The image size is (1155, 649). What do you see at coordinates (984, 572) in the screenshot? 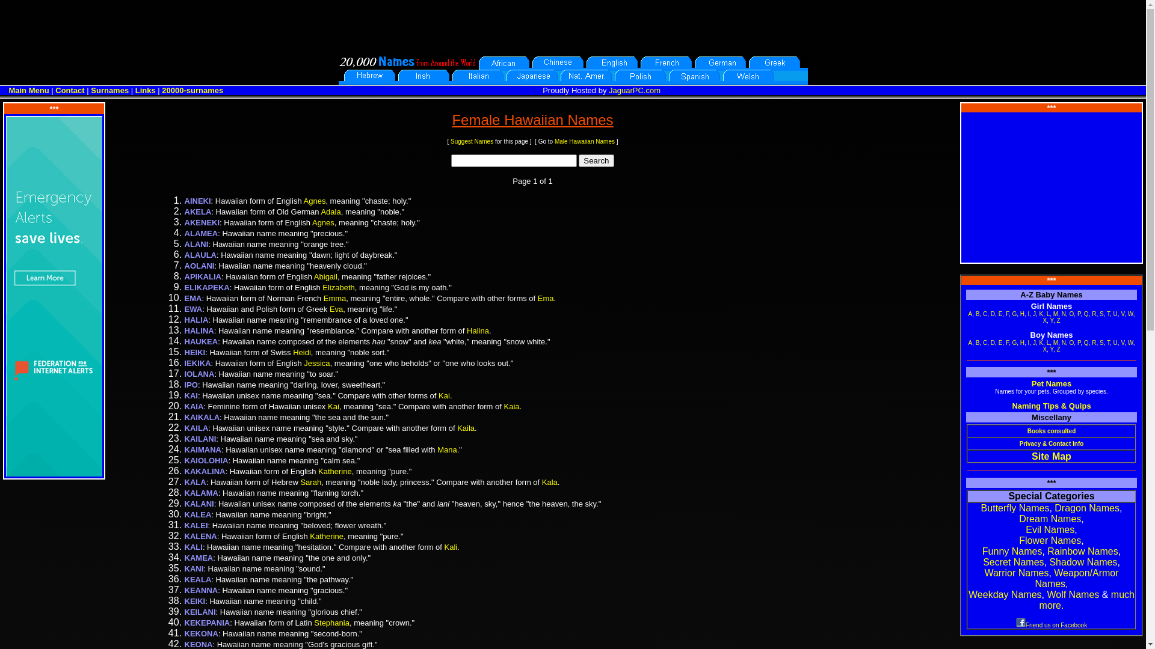
I see `'Warrior Names'` at bounding box center [984, 572].